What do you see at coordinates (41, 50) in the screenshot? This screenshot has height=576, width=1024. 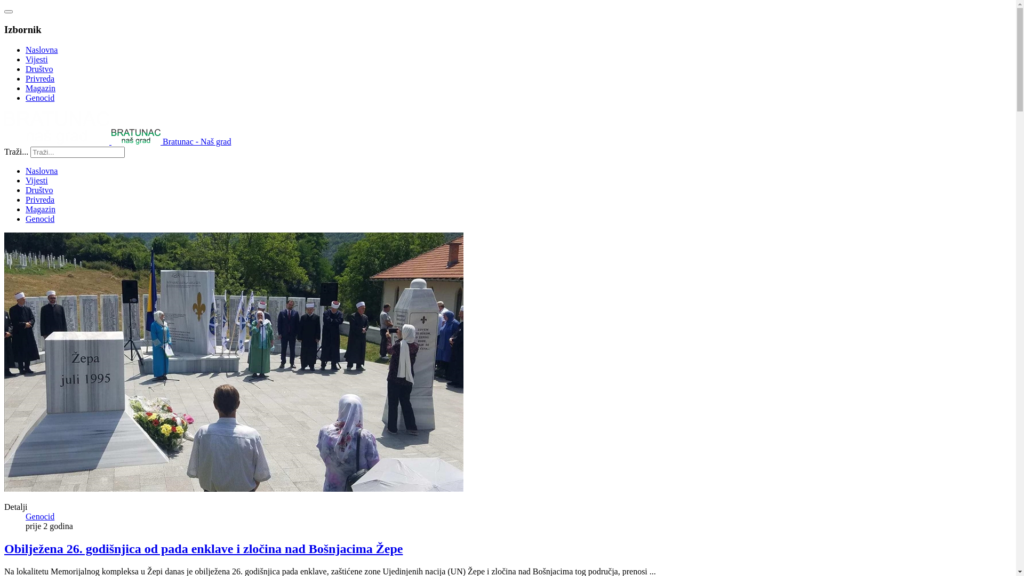 I see `'Naslovna'` at bounding box center [41, 50].